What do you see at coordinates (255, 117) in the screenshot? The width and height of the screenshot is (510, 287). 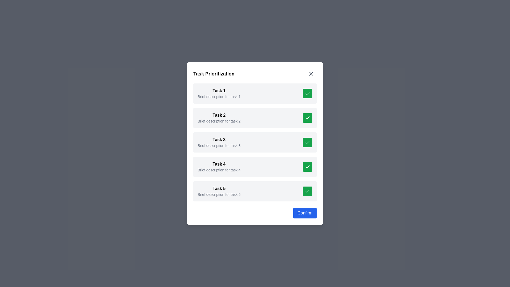 I see `the green button with a white checkmark in the task entry labeled 'Task 2', which contains a bold title and a smaller description` at bounding box center [255, 117].